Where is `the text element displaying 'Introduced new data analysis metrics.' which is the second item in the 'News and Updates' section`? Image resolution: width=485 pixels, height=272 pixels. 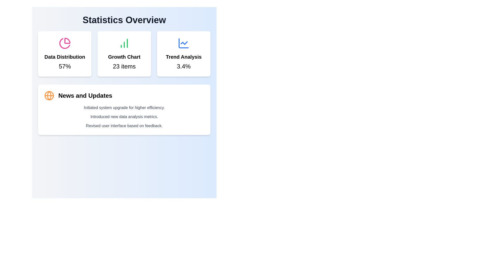 the text element displaying 'Introduced new data analysis metrics.' which is the second item in the 'News and Updates' section is located at coordinates (124, 117).